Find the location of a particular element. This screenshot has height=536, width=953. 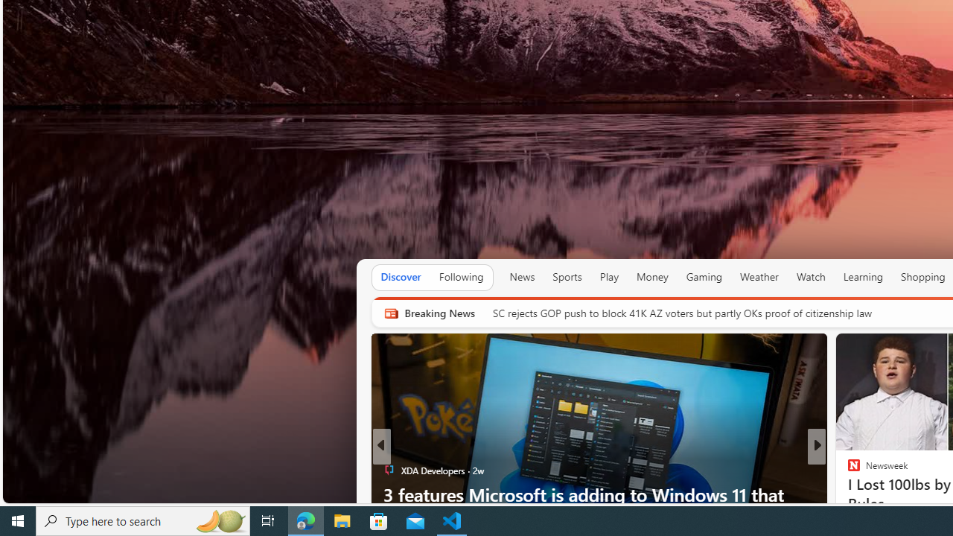

'INSIDER' is located at coordinates (847, 470).